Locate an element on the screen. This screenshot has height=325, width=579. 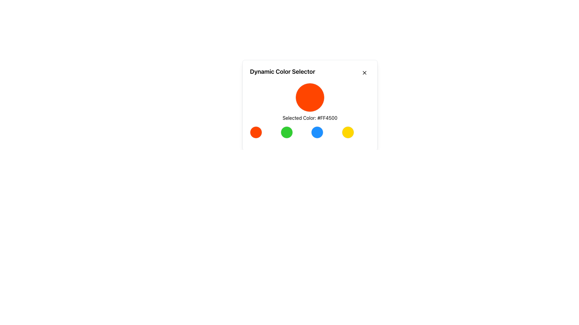
the small circular button with a black 'X' icon at the top-right corner of the 'Dynamic Color Selector' modal is located at coordinates (364, 73).